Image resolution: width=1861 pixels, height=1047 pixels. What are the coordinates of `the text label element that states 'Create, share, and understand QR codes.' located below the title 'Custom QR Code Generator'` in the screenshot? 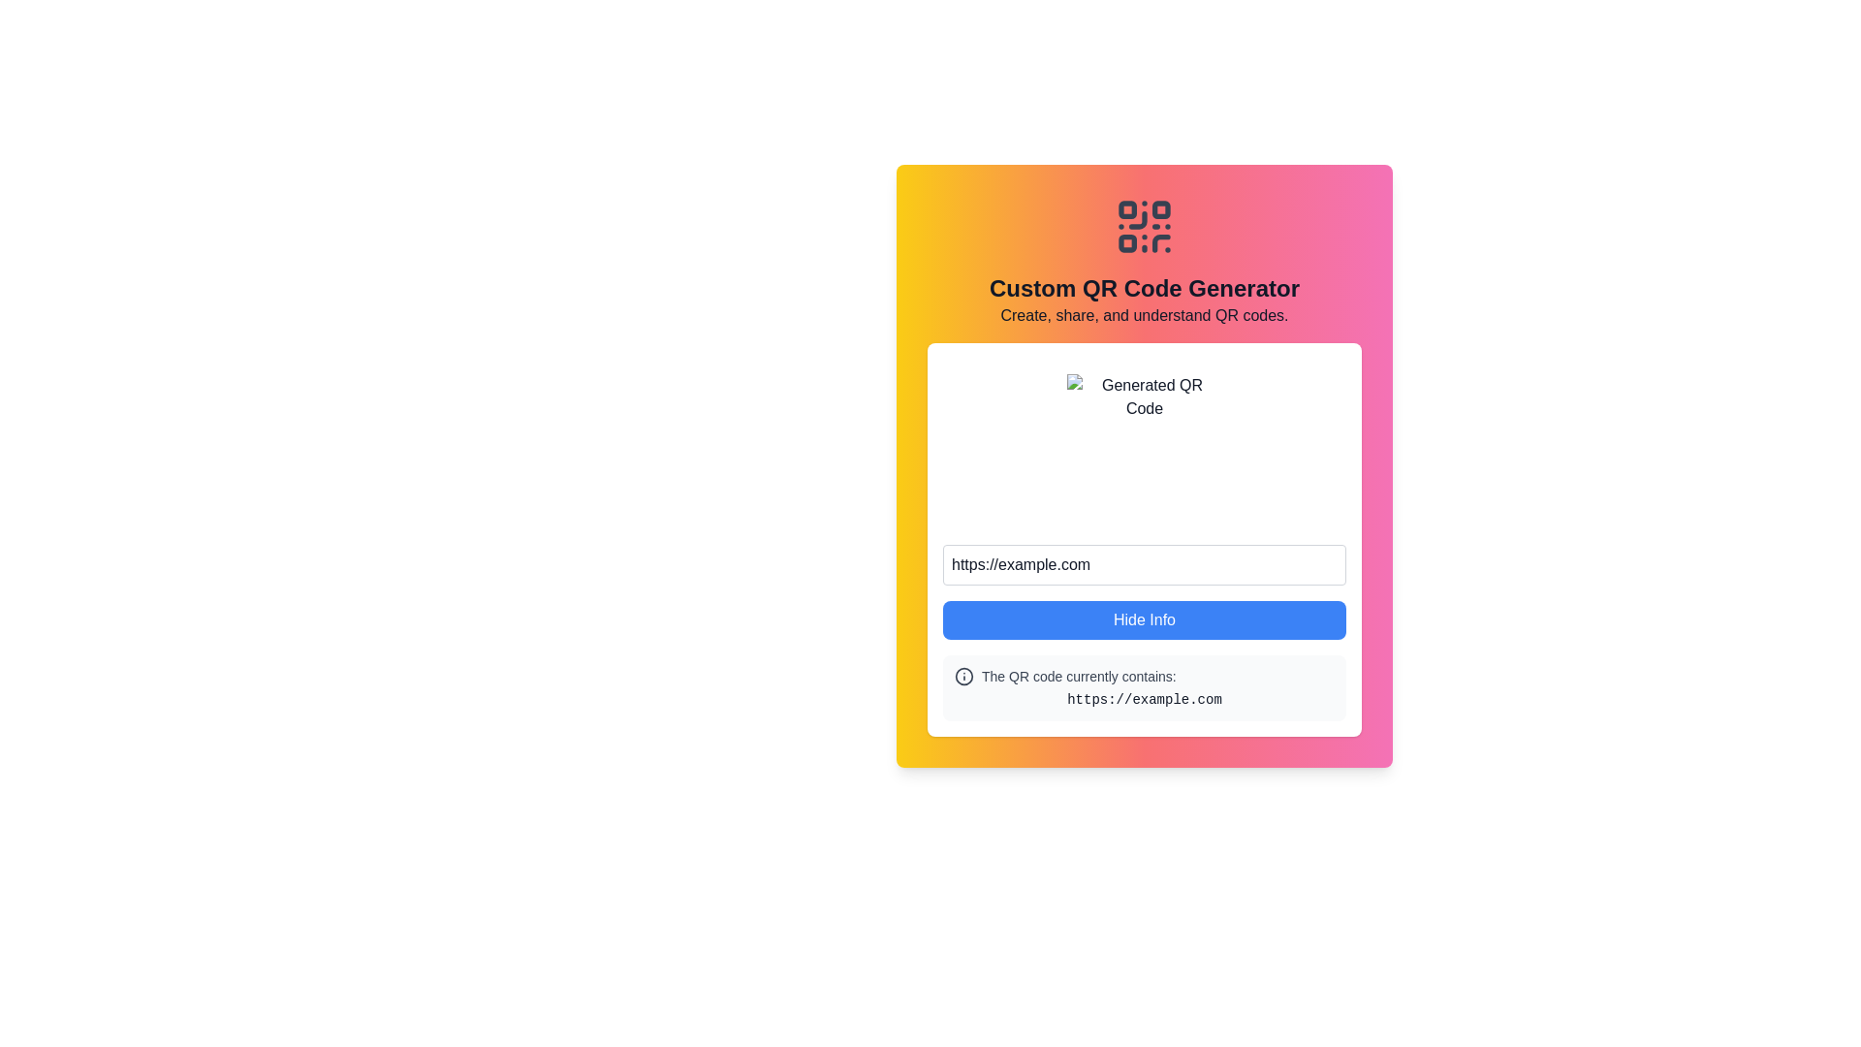 It's located at (1144, 315).